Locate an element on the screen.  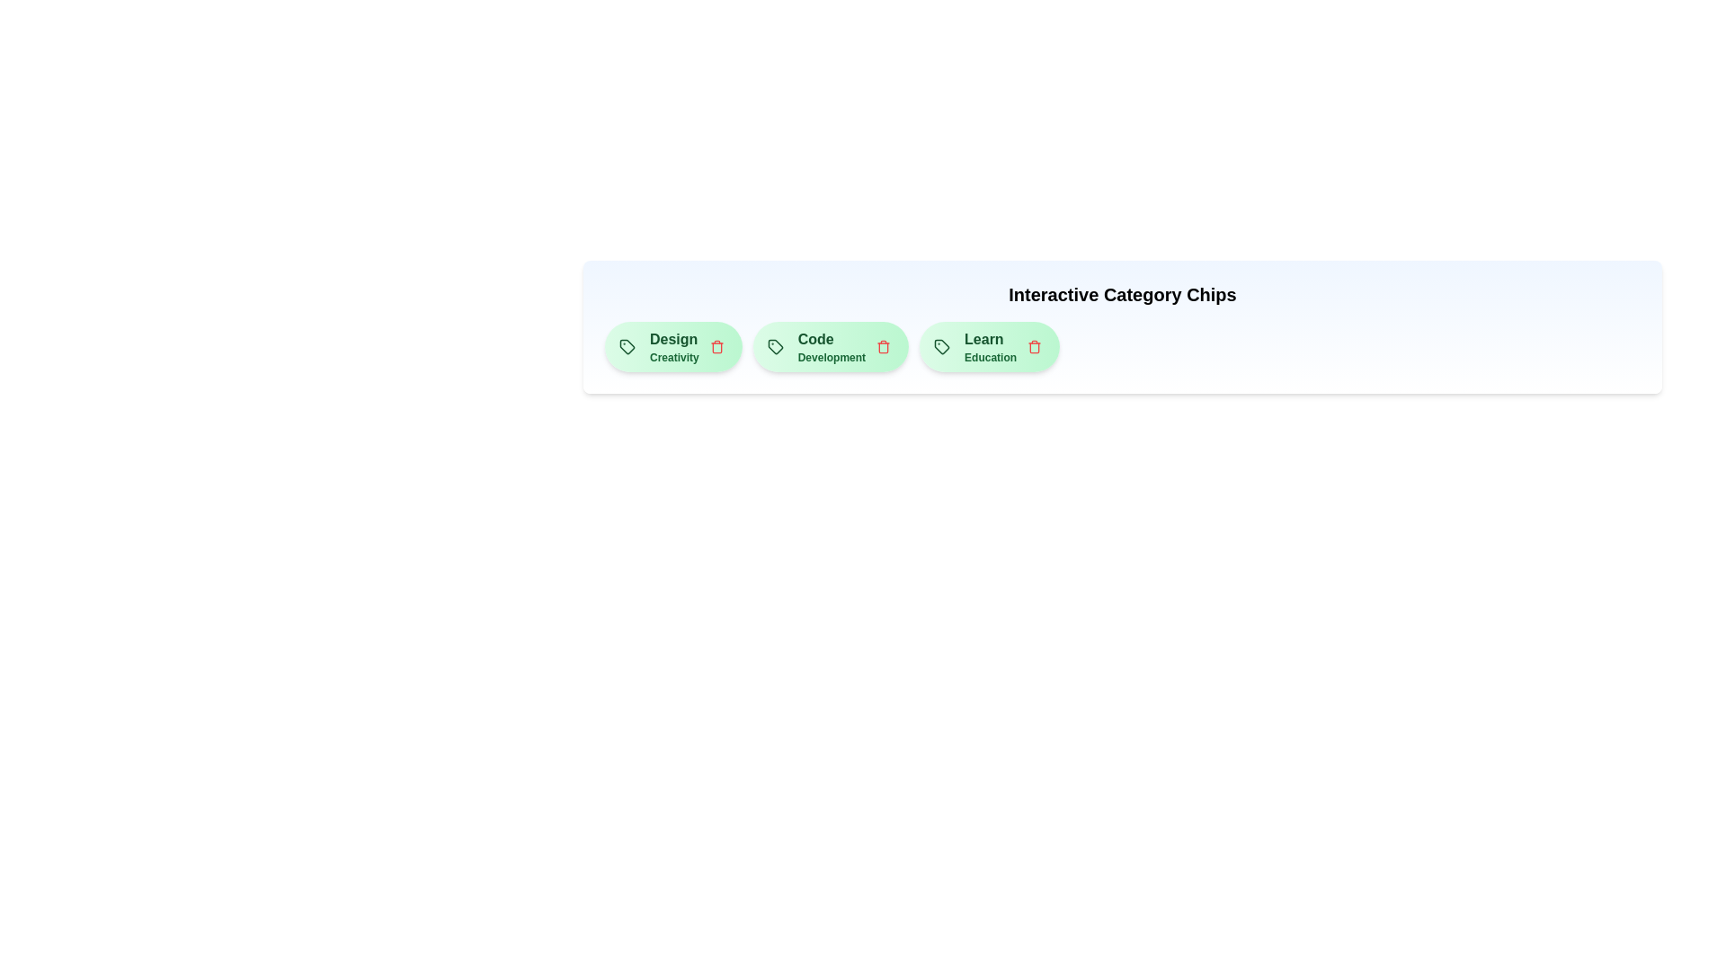
the chip labeled Learn to observe its hover effect is located at coordinates (988, 346).